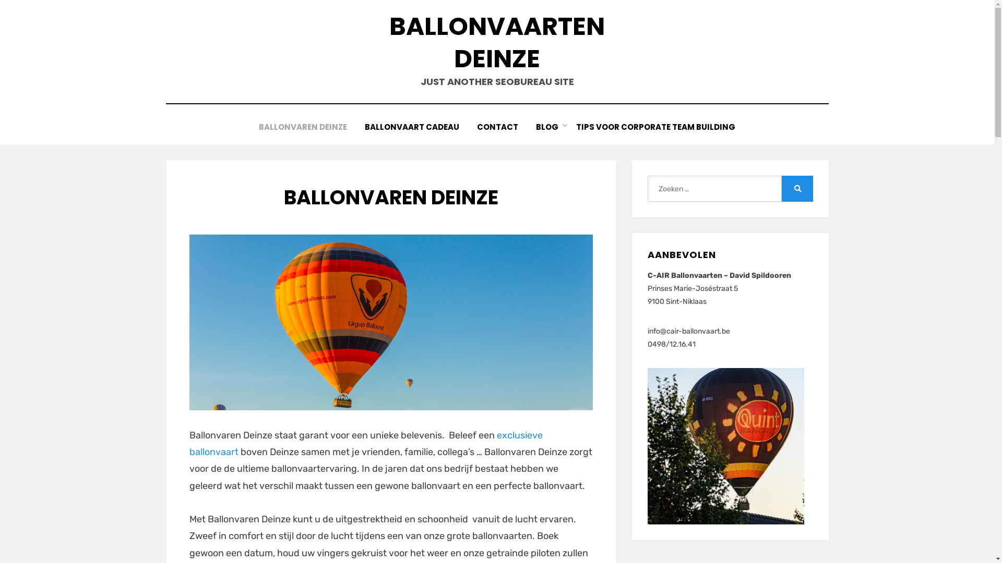 Image resolution: width=1002 pixels, height=563 pixels. What do you see at coordinates (689, 331) in the screenshot?
I see `'info@cair-ballonvaart.be'` at bounding box center [689, 331].